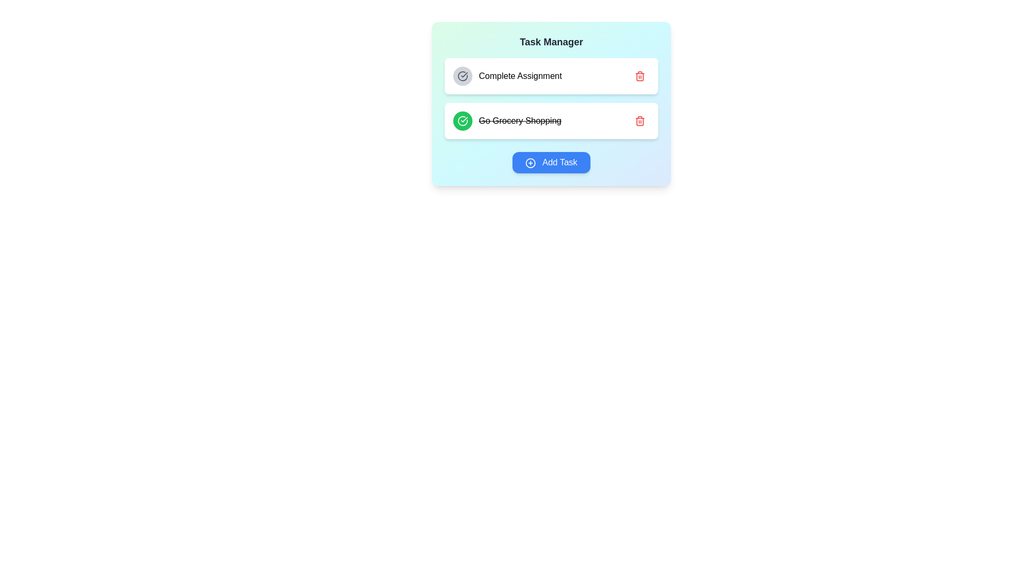 This screenshot has height=576, width=1025. Describe the element at coordinates (551, 75) in the screenshot. I see `the first Task list item labeled 'Complete Assignment'` at that location.